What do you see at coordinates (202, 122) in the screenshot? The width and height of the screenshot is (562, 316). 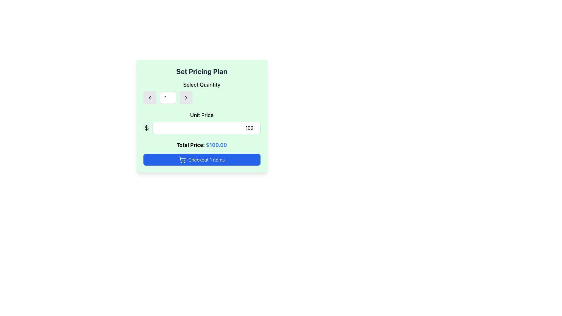 I see `the label indicating the purpose of the adjacent input field for specifying the unit price, located in the pricing panel below the 'Select Quantity' section` at bounding box center [202, 122].